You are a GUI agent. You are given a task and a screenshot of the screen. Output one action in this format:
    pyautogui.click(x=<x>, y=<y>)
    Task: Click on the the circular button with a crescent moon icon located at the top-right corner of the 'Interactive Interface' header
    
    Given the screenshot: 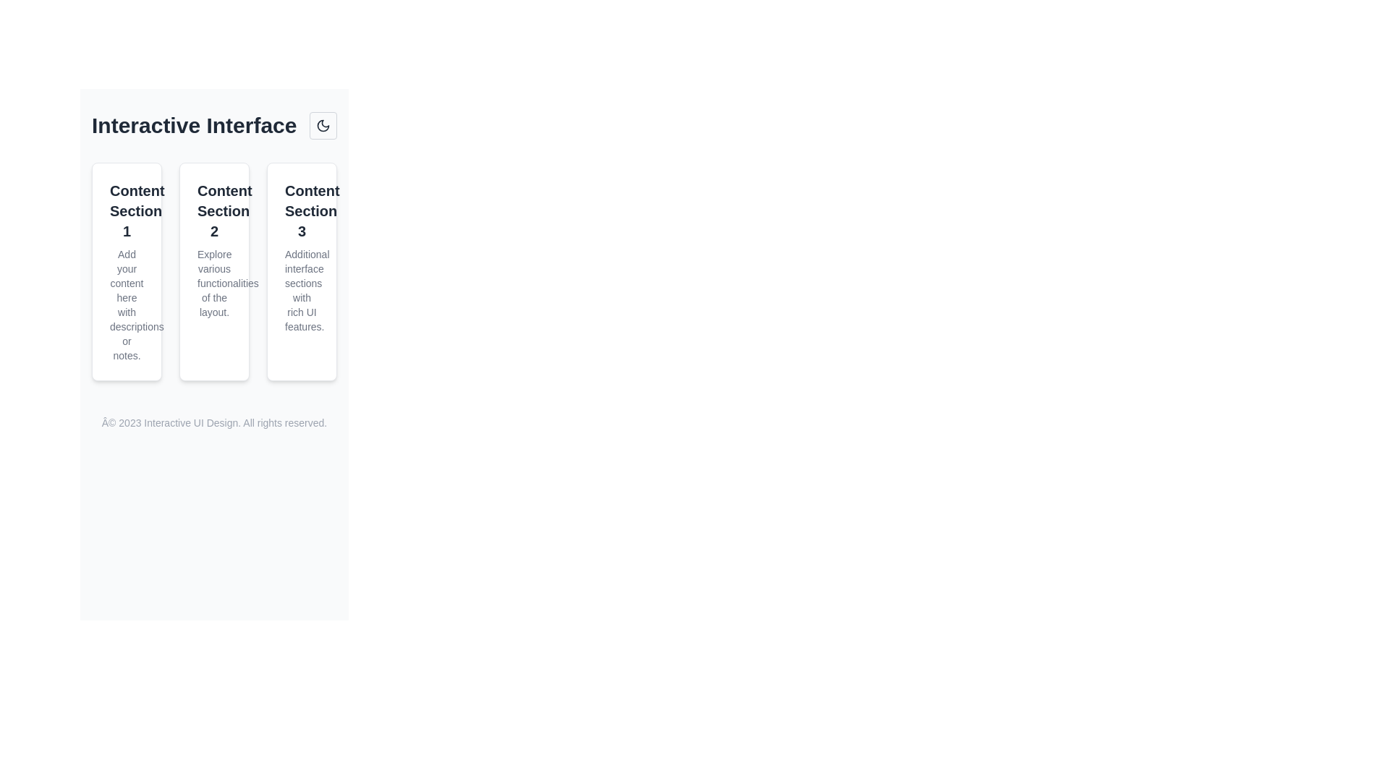 What is the action you would take?
    pyautogui.click(x=322, y=124)
    